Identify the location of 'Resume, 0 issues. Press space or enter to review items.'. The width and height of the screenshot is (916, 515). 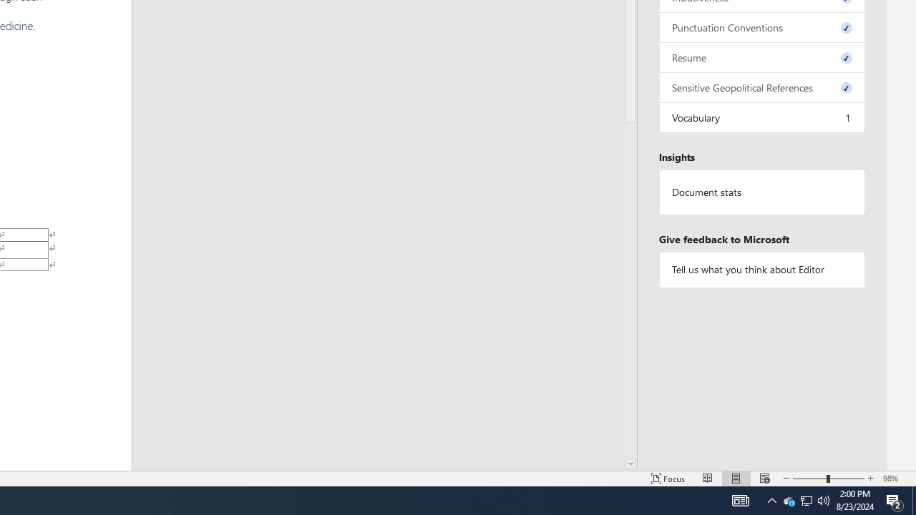
(761, 57).